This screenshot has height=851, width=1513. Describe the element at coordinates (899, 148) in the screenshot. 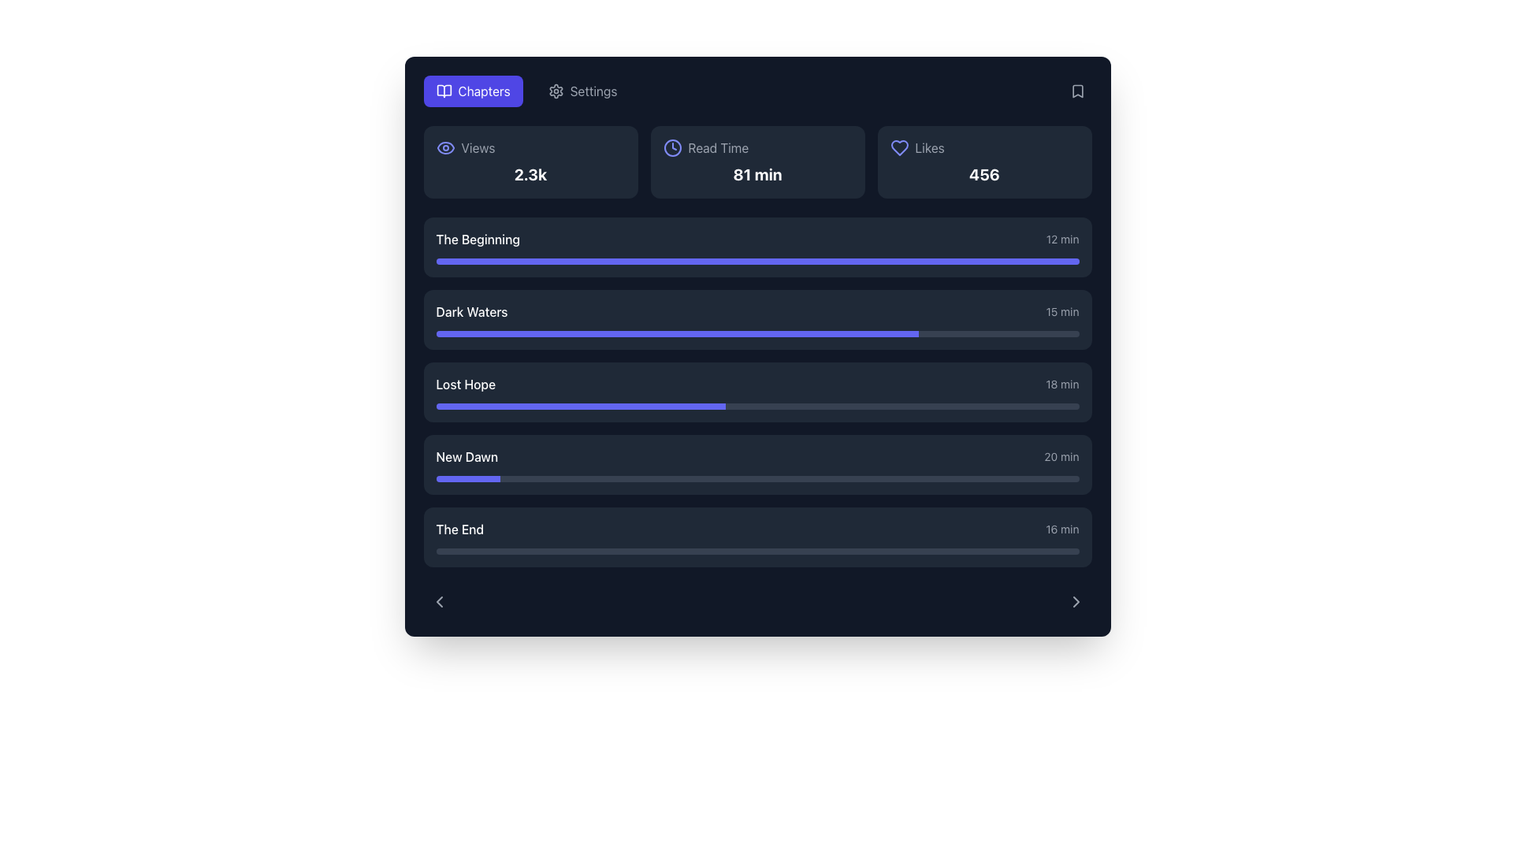

I see `the heart-shaped icon styled with an outline design in purple color, located next to 'Likes' and the value '456' in the top row of the dashboard` at that location.